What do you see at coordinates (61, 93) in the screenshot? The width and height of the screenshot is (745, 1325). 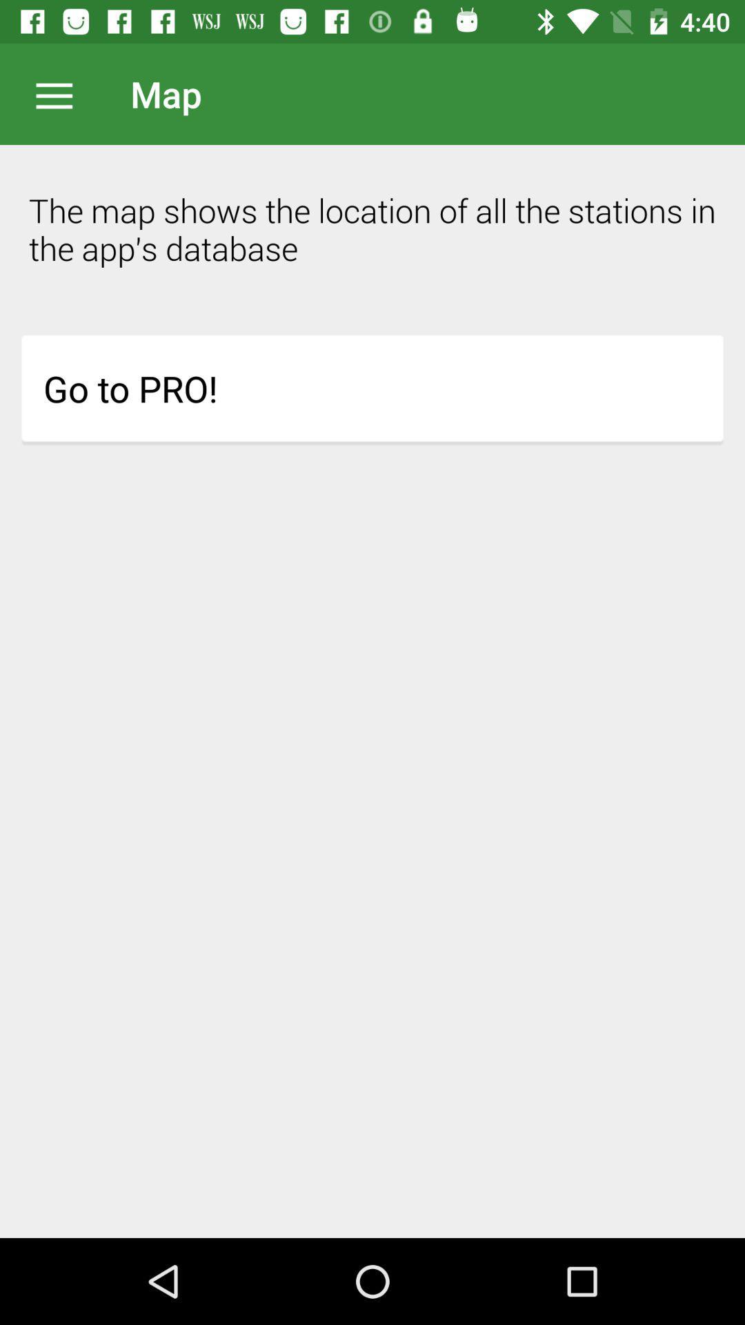 I see `the item to the left of the map icon` at bounding box center [61, 93].